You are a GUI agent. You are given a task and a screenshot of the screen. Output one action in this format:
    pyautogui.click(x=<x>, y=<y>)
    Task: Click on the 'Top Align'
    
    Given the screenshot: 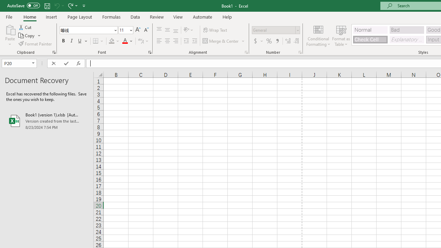 What is the action you would take?
    pyautogui.click(x=159, y=30)
    